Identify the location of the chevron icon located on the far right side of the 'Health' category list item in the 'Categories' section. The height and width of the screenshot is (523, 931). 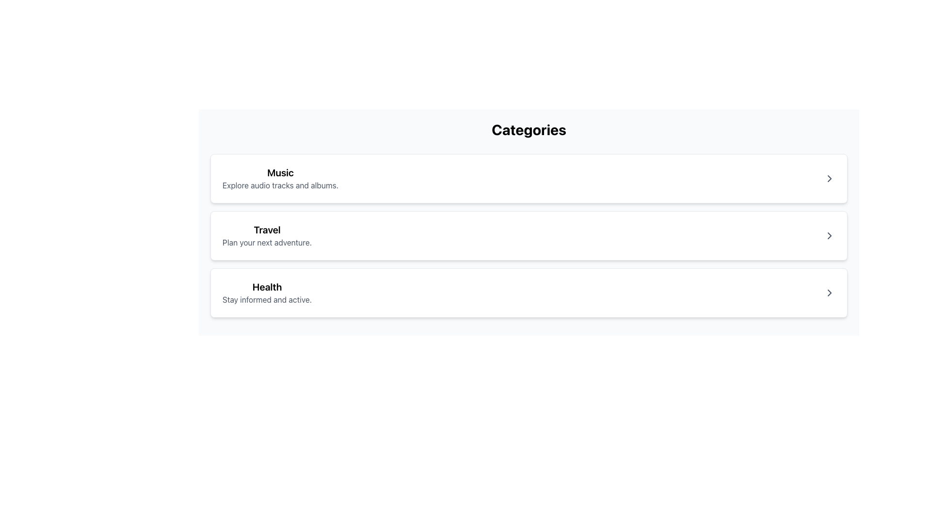
(829, 292).